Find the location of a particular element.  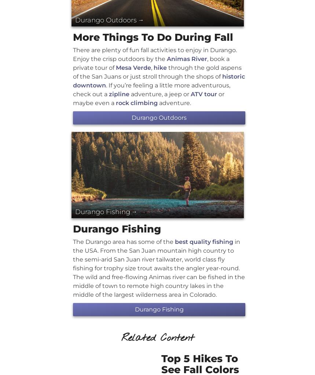

'zipline' is located at coordinates (119, 93).